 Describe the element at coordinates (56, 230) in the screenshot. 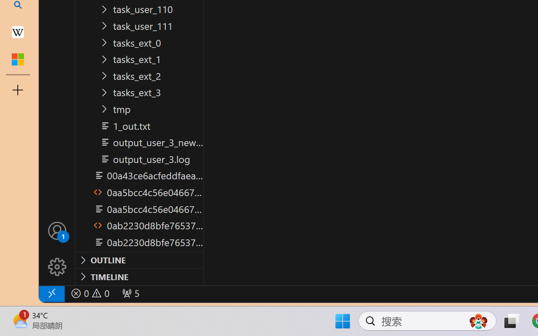

I see `'Accounts - Sign in requested'` at that location.